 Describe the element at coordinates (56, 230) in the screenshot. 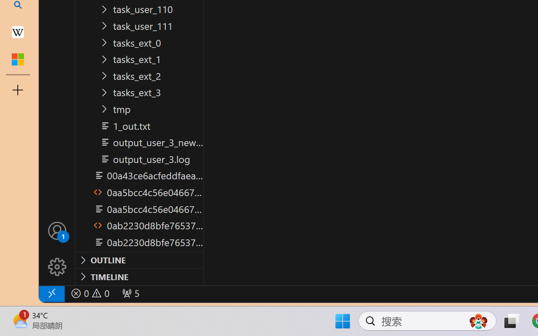

I see `'Accounts - Sign in requested'` at that location.